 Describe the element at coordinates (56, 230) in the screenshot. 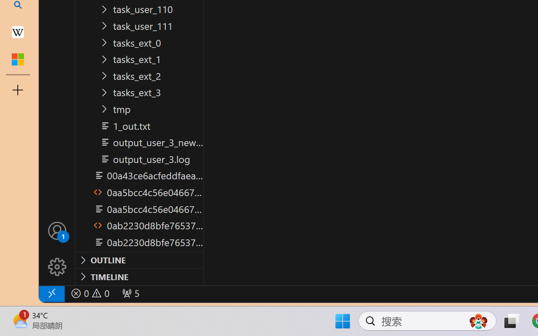

I see `'Accounts - Sign in requested'` at that location.